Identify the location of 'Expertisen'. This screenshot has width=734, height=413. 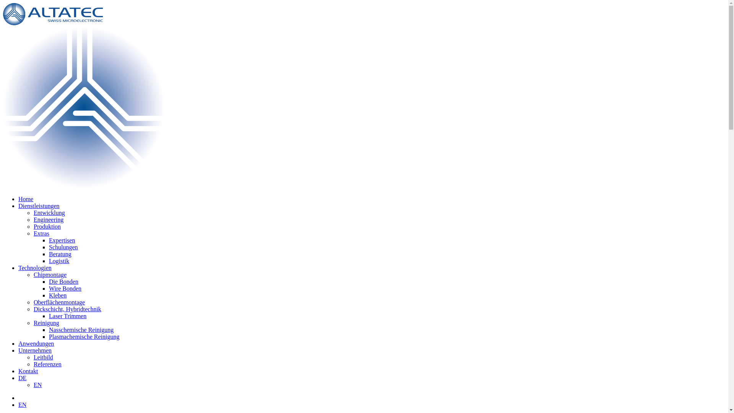
(62, 240).